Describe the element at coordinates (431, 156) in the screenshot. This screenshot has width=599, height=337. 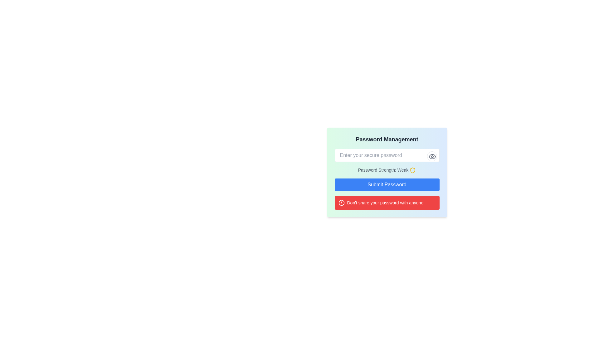
I see `the circular button with a white background and gray border that contains a gray eye icon, positioned at the top-right corner near the password input field to observe any hover effects` at that location.